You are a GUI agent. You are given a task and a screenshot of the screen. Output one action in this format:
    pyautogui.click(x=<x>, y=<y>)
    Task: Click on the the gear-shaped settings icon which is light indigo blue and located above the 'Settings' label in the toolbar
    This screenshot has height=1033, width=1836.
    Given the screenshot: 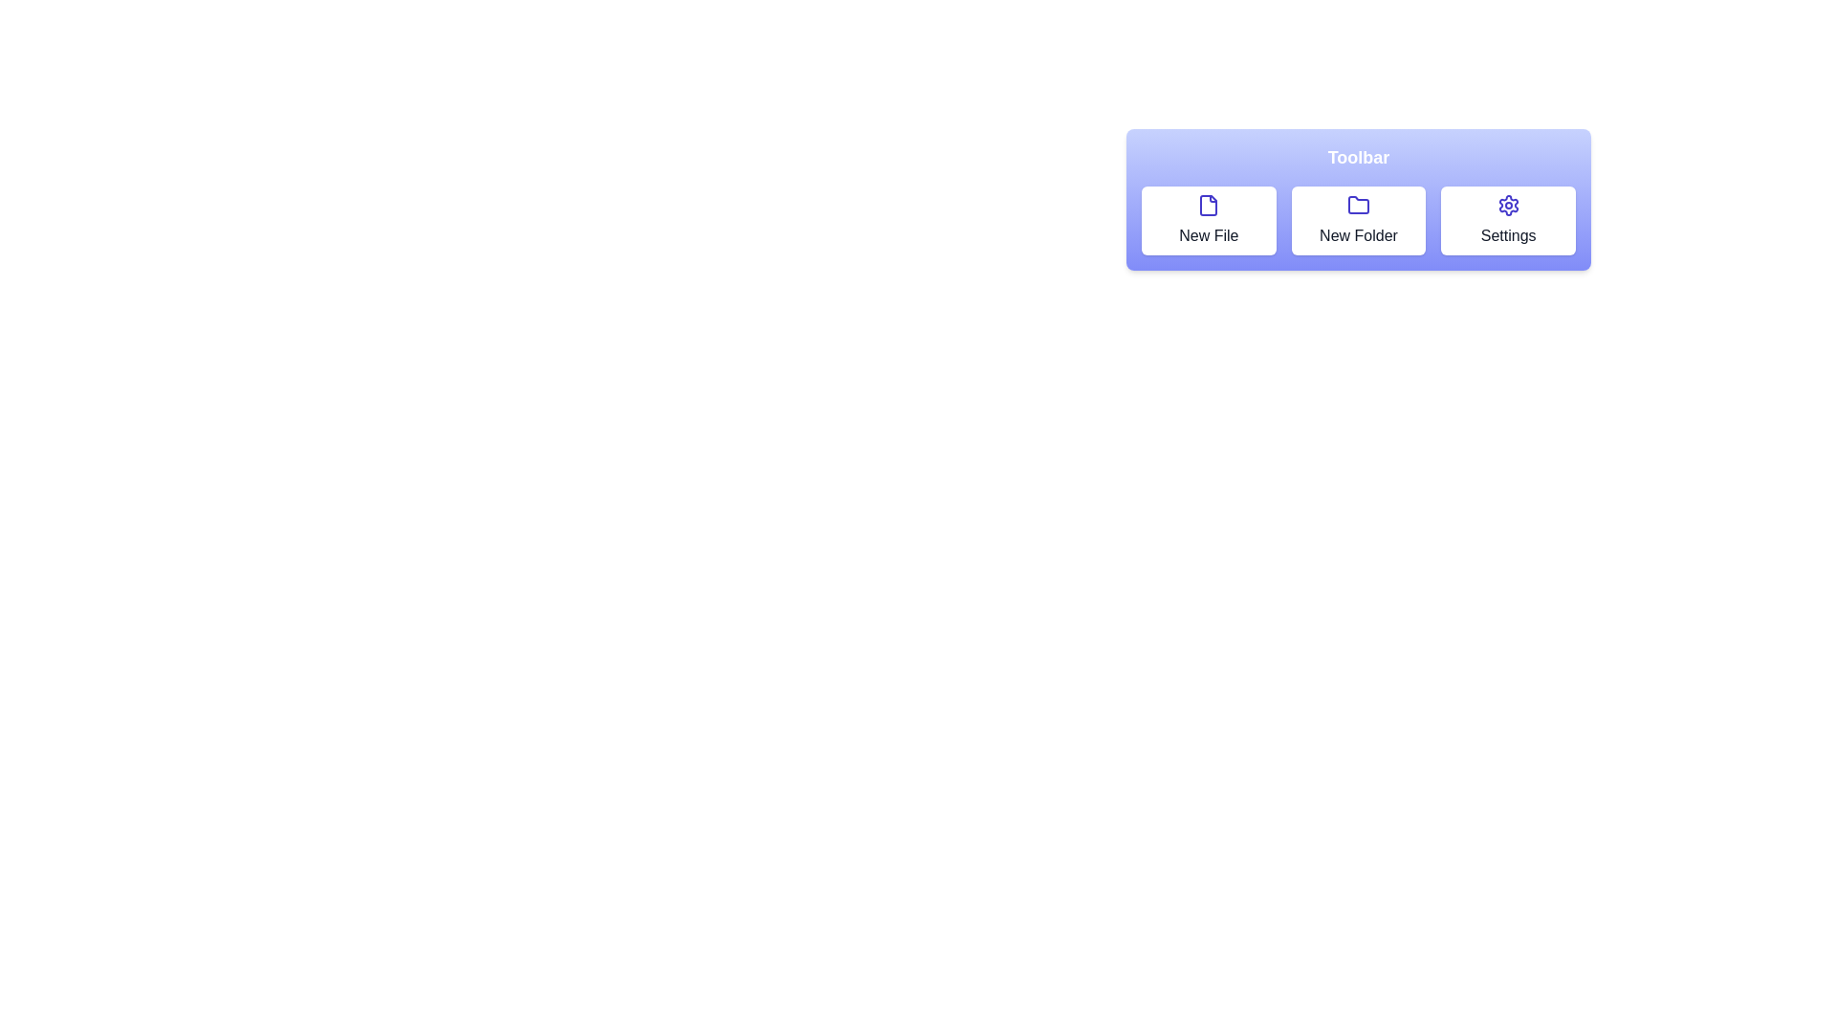 What is the action you would take?
    pyautogui.click(x=1507, y=206)
    